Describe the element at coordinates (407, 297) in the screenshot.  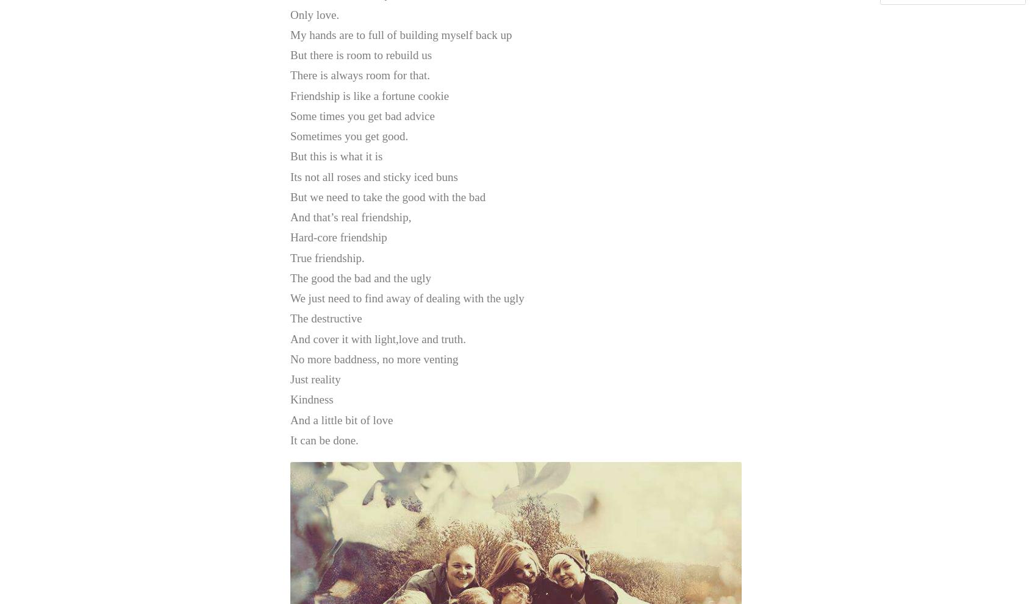
I see `'We just need to find away of dealing with the ugly'` at that location.